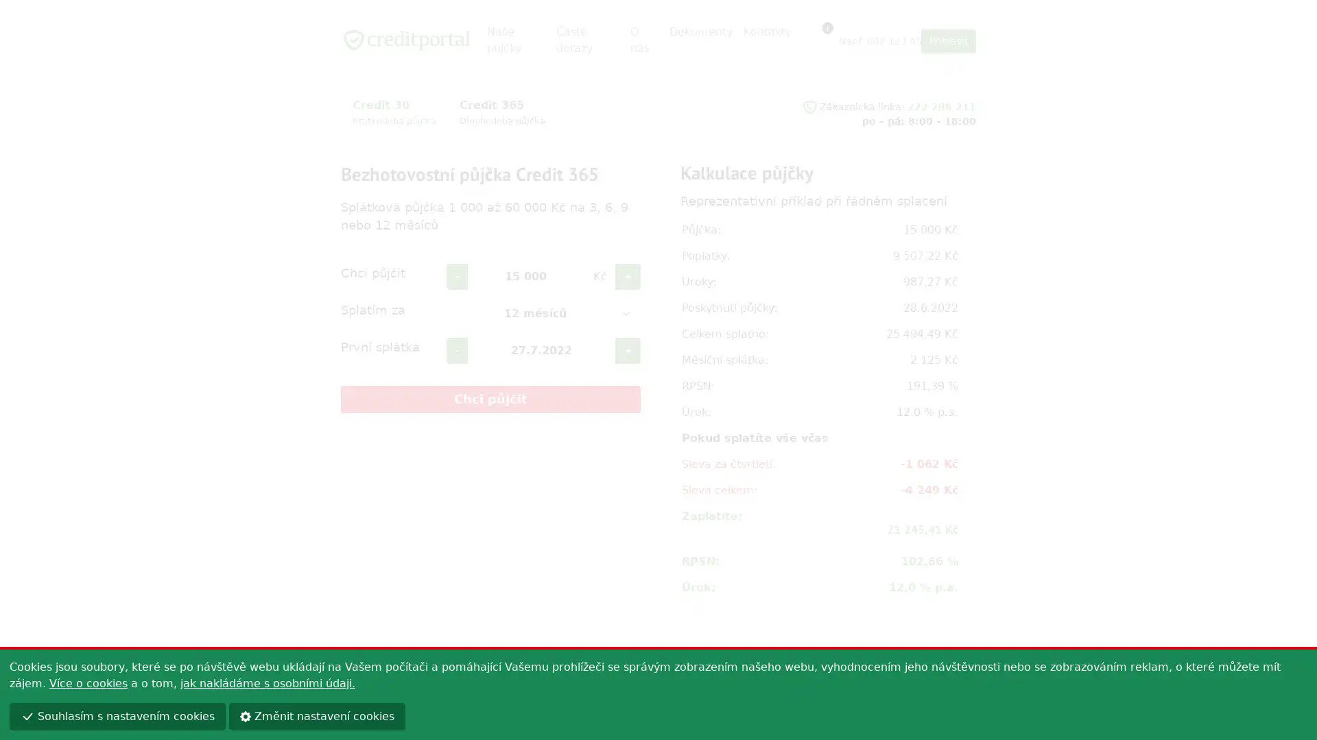 Image resolution: width=1317 pixels, height=740 pixels. What do you see at coordinates (947, 40) in the screenshot?
I see `Prihlasit` at bounding box center [947, 40].